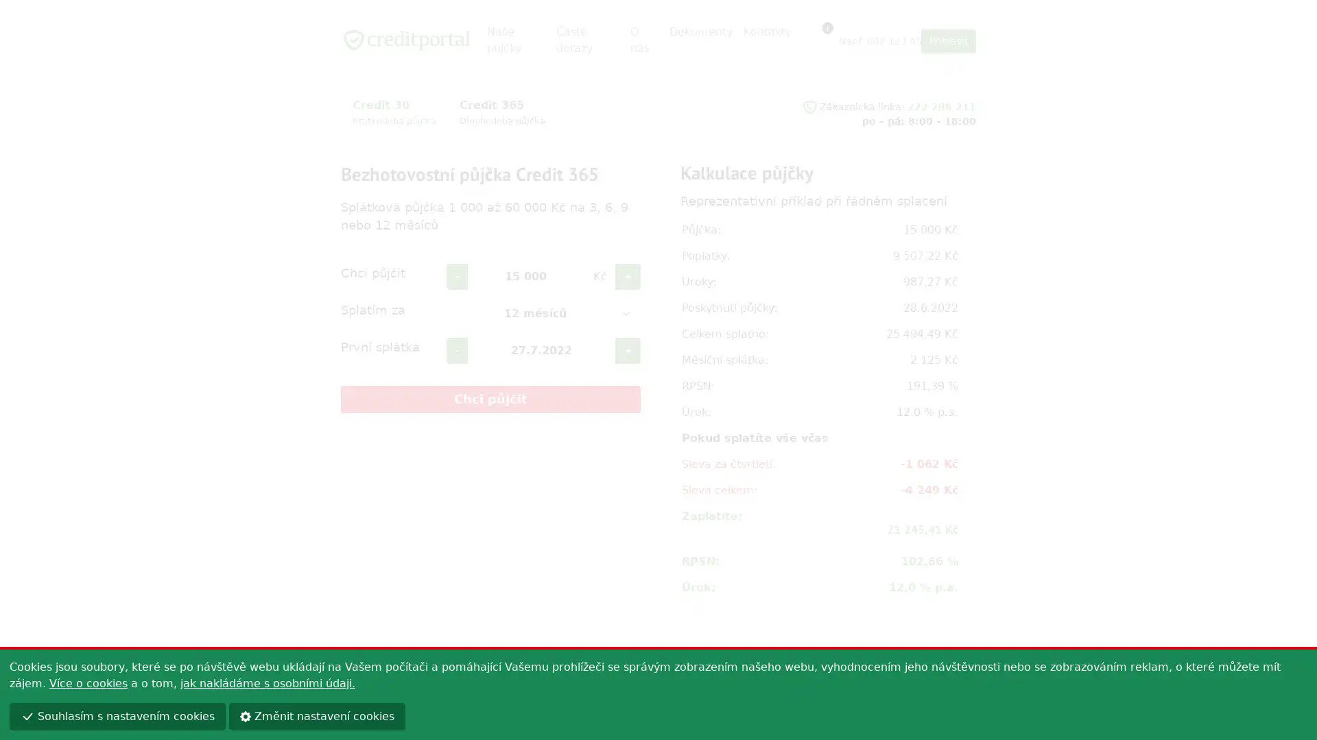 Image resolution: width=1317 pixels, height=740 pixels. What do you see at coordinates (947, 40) in the screenshot?
I see `Prihlasit` at bounding box center [947, 40].